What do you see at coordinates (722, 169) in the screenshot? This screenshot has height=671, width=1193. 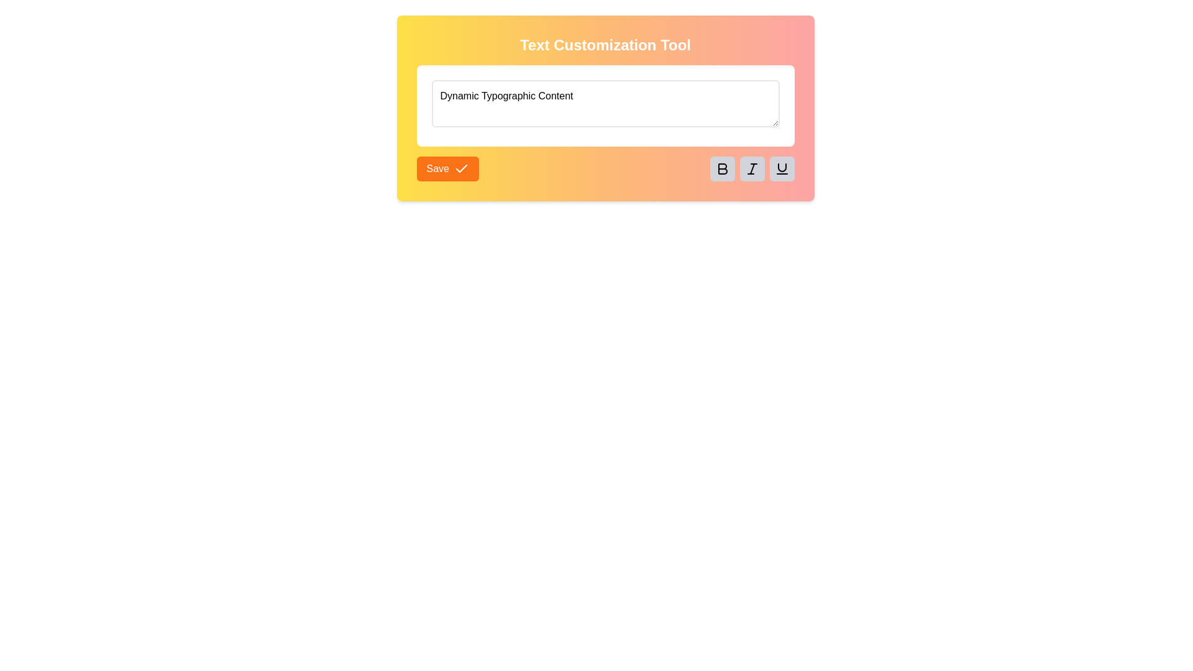 I see `the bold 'B' icon button with a gray background, located as the first button in the formatting options row beneath the text input field` at bounding box center [722, 169].